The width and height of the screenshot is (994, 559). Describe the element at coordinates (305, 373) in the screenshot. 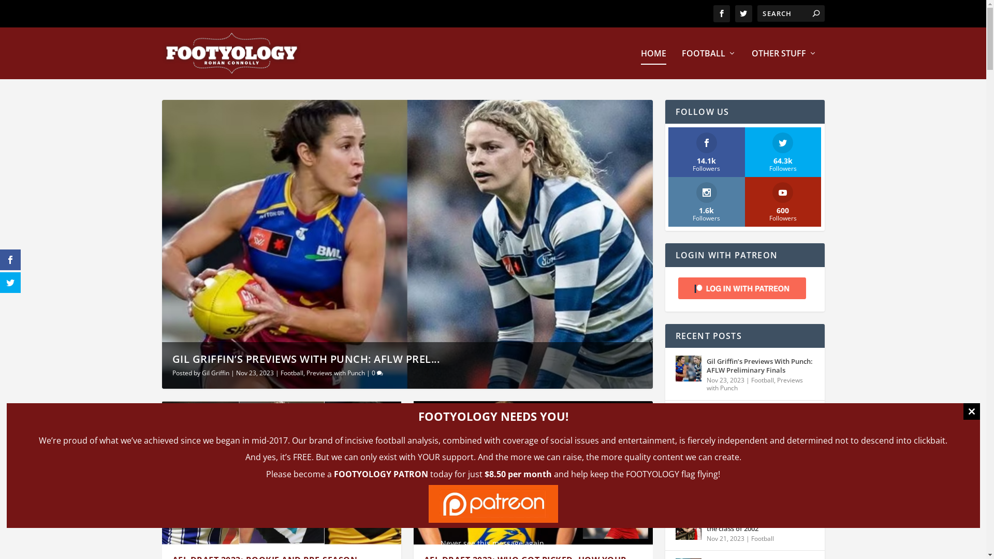

I see `'Previews with Punch'` at that location.